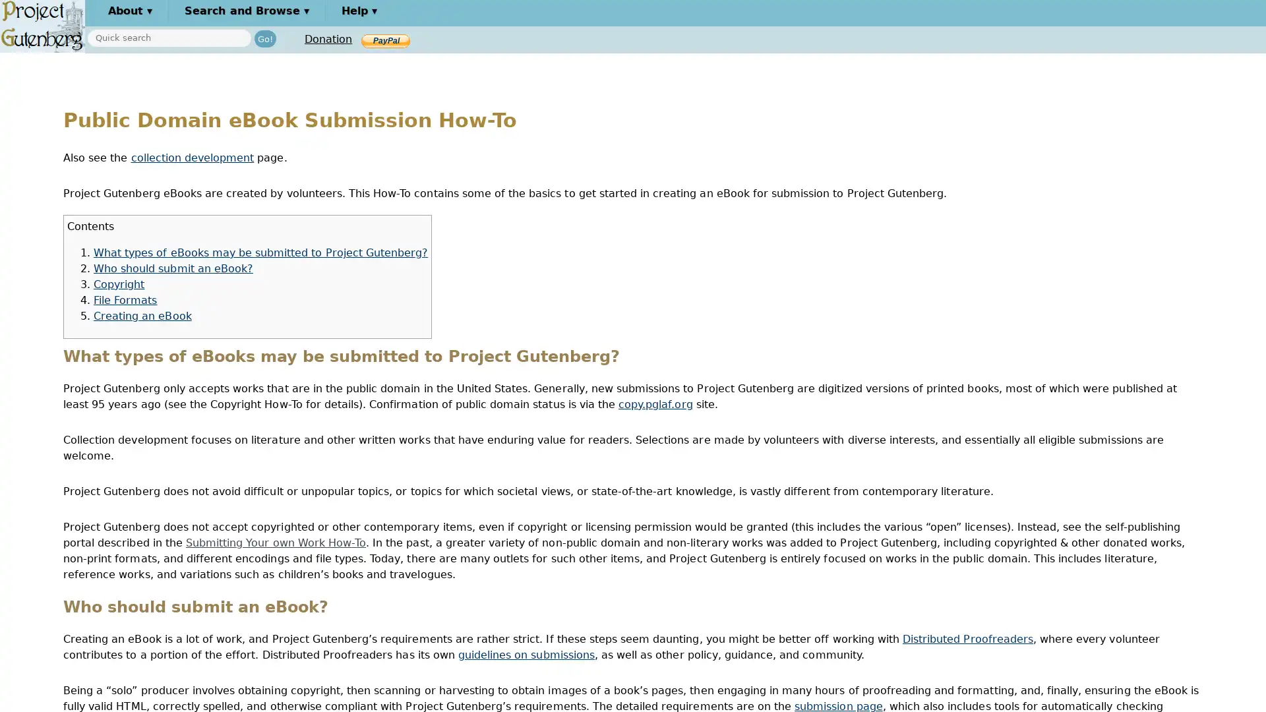 Image resolution: width=1266 pixels, height=712 pixels. What do you see at coordinates (264, 38) in the screenshot?
I see `Go!` at bounding box center [264, 38].